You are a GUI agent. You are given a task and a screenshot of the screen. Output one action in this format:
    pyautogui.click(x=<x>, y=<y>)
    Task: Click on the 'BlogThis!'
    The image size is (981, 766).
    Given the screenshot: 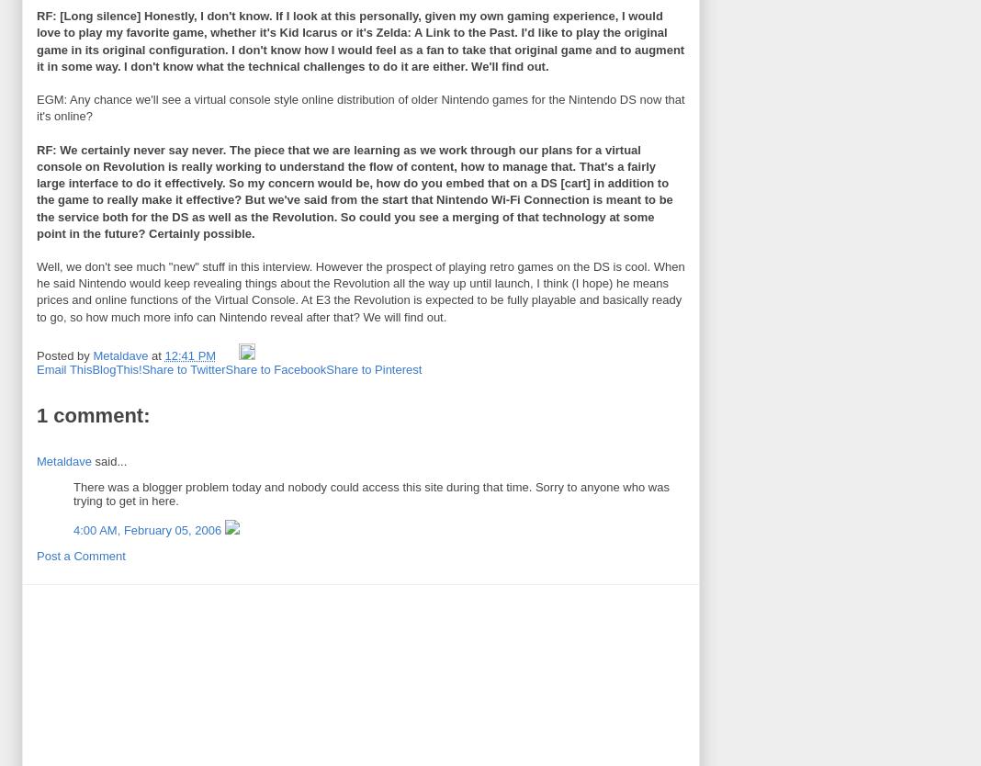 What is the action you would take?
    pyautogui.click(x=115, y=368)
    